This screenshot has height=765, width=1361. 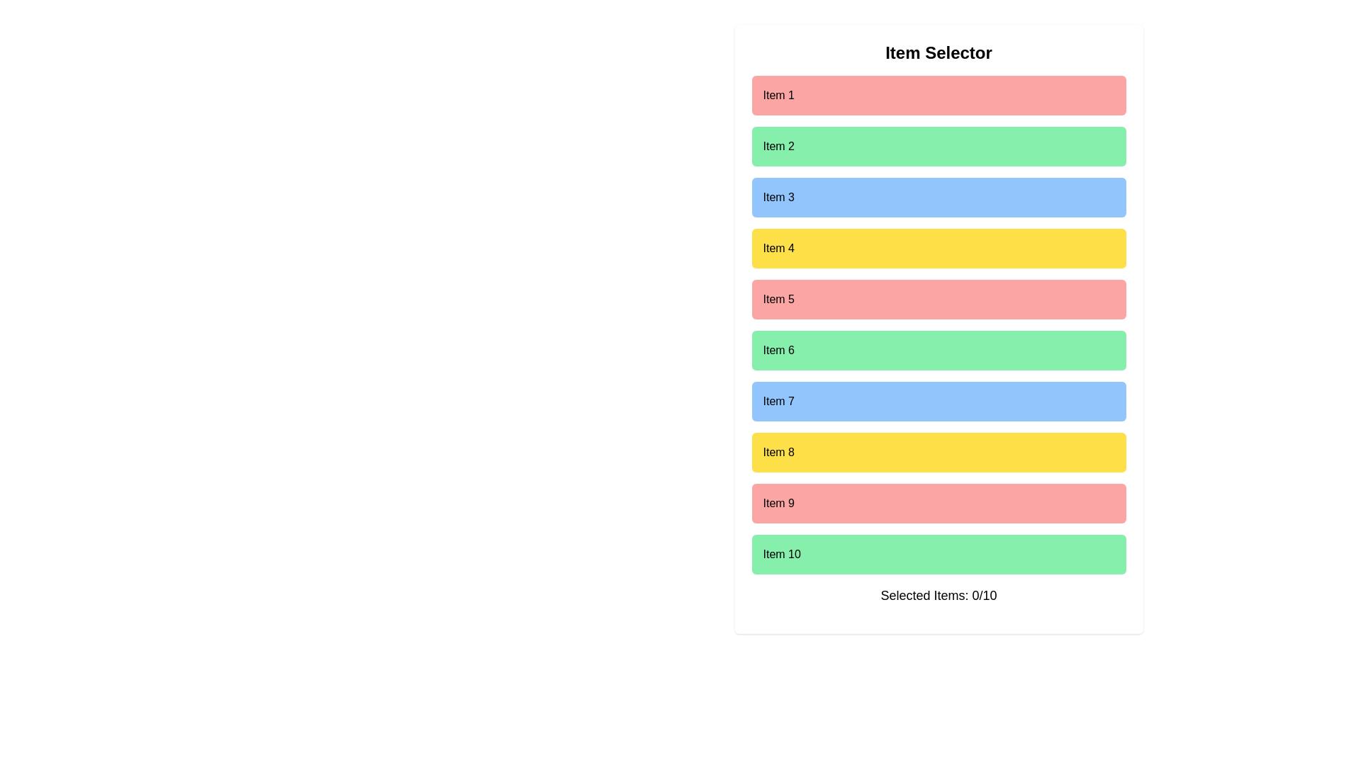 I want to click on the 'Item 6' text label displayed in bold on a green background to inspect its content, so click(x=778, y=350).